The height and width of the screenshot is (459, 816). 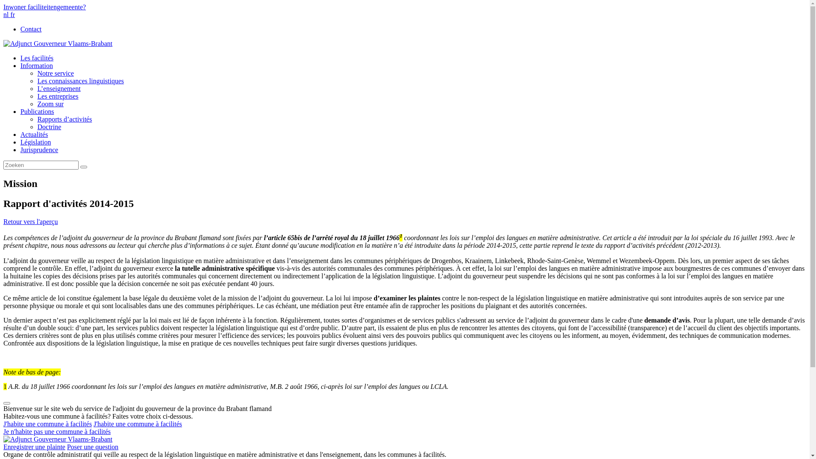 What do you see at coordinates (3, 7) in the screenshot?
I see `'Inwoner faciliteitengemeente?'` at bounding box center [3, 7].